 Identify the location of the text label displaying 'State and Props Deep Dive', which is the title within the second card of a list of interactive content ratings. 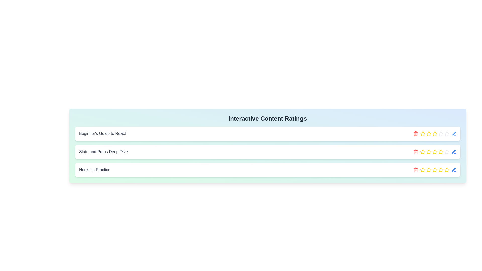
(103, 152).